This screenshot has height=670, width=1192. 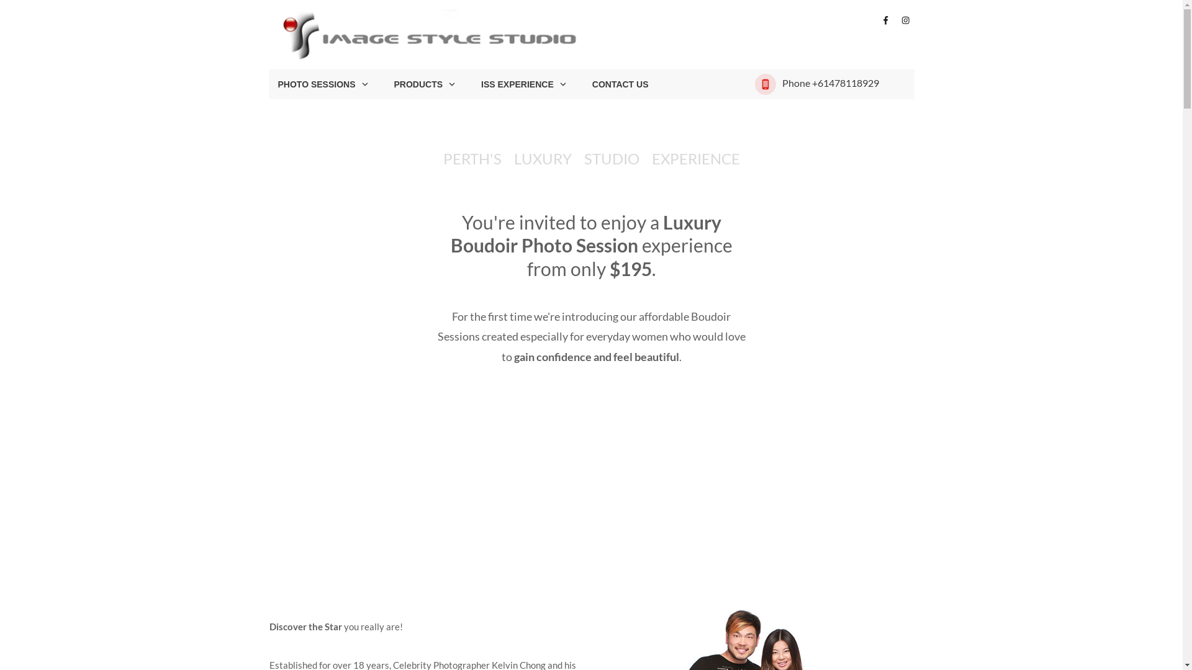 What do you see at coordinates (392, 84) in the screenshot?
I see `'PRODUCTS'` at bounding box center [392, 84].